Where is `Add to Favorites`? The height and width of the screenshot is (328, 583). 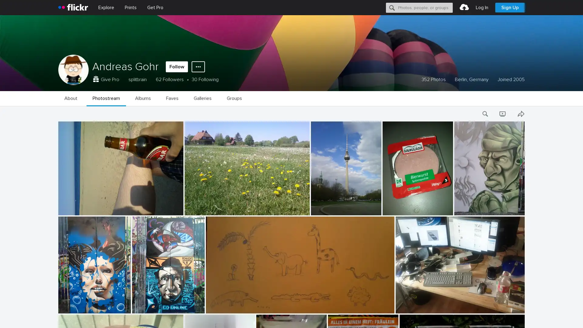 Add to Favorites is located at coordinates (58, 165).